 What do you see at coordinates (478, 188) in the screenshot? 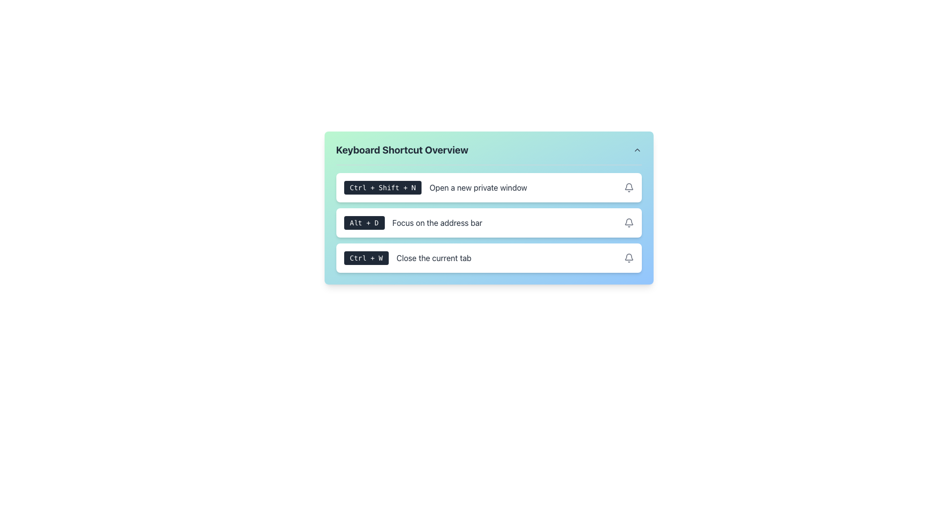
I see `text content of the label displaying 'Open a new private window' which is located between the keyboard shortcut 'Ctrl + Shift + N' and a bell-shaped icon in the first row of shortcut descriptions` at bounding box center [478, 188].